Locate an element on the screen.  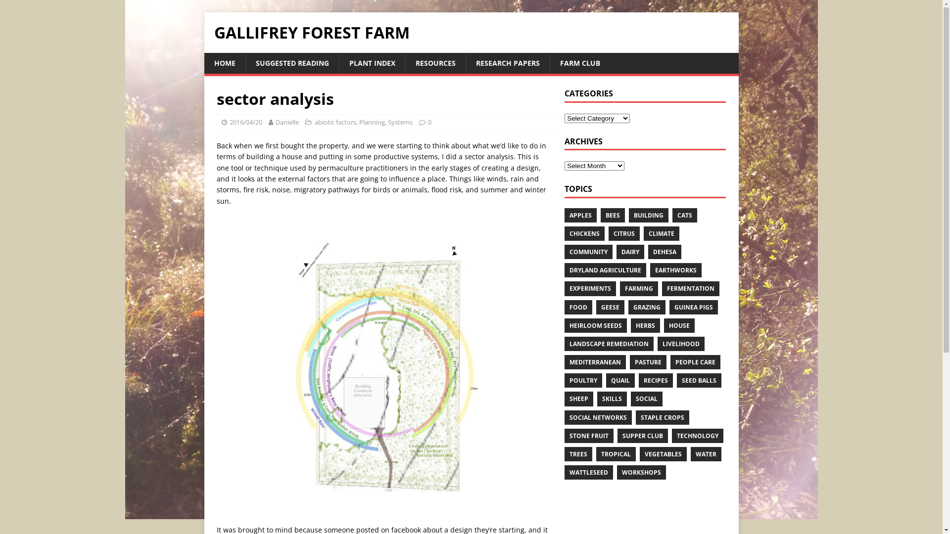
'LANDSCAPE REMEDIATION' is located at coordinates (608, 343).